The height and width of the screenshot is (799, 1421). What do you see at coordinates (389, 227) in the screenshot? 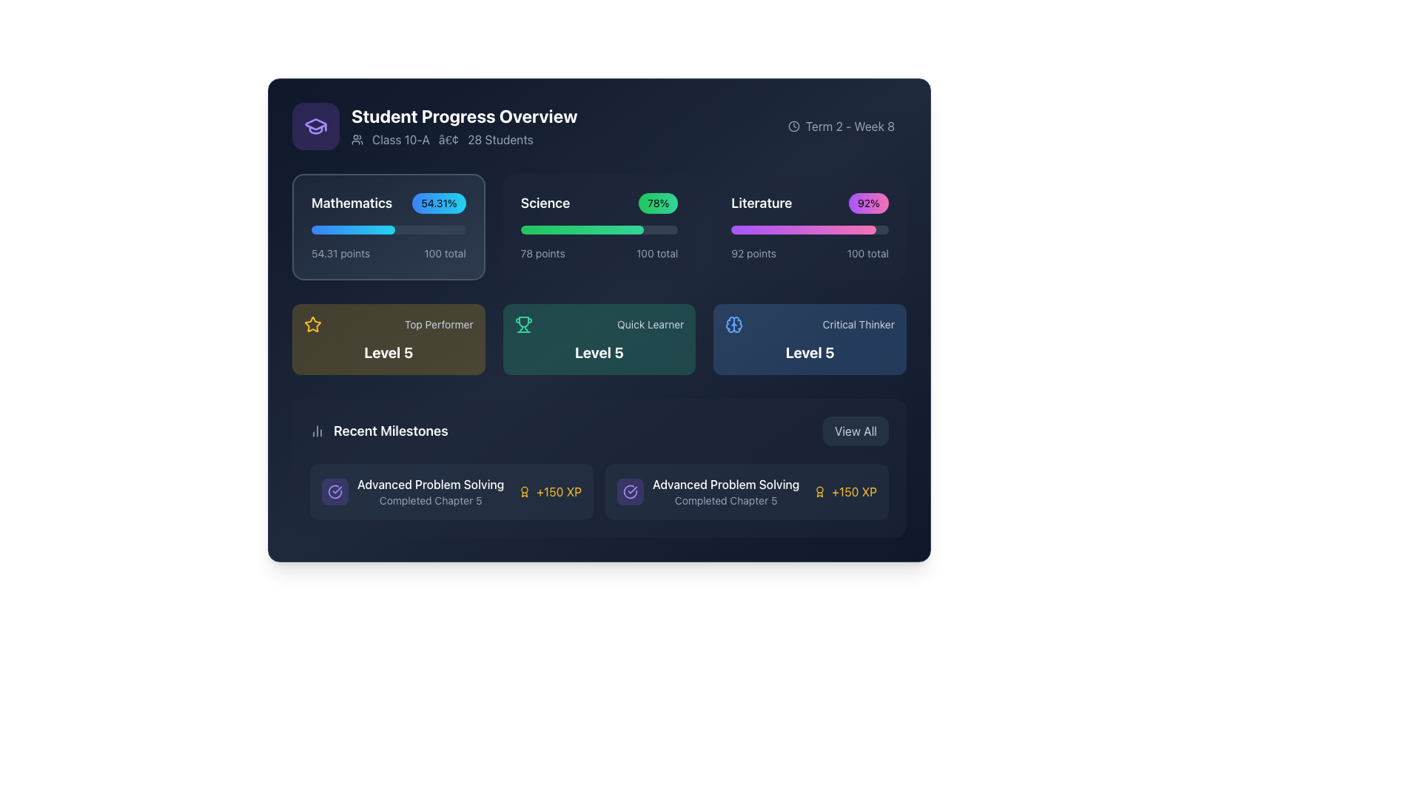
I see `the percentage badge on the Mathematics progress tracker card, which is the first card in a row of three cards in the grid structure` at bounding box center [389, 227].